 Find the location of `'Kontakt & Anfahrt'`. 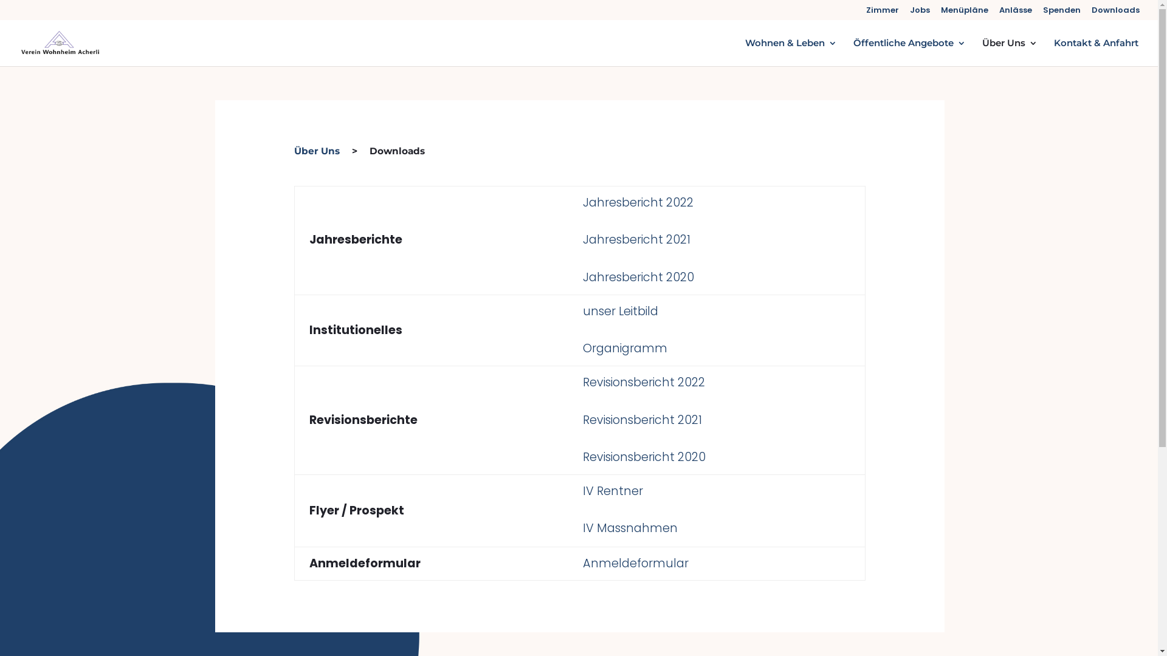

'Kontakt & Anfahrt' is located at coordinates (1053, 52).